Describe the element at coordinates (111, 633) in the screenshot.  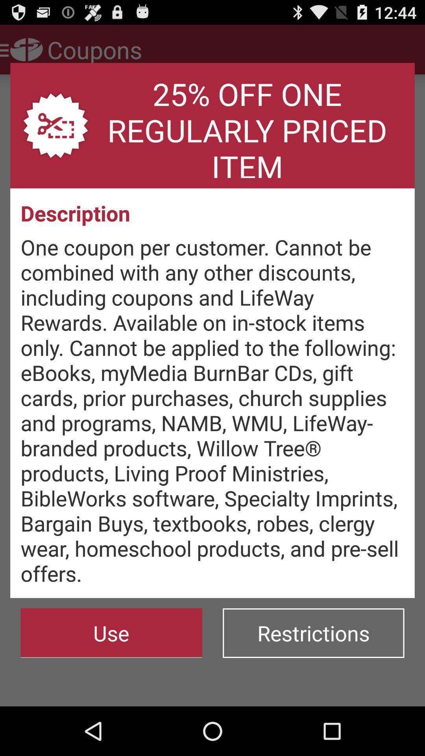
I see `the icon at the bottom left corner` at that location.